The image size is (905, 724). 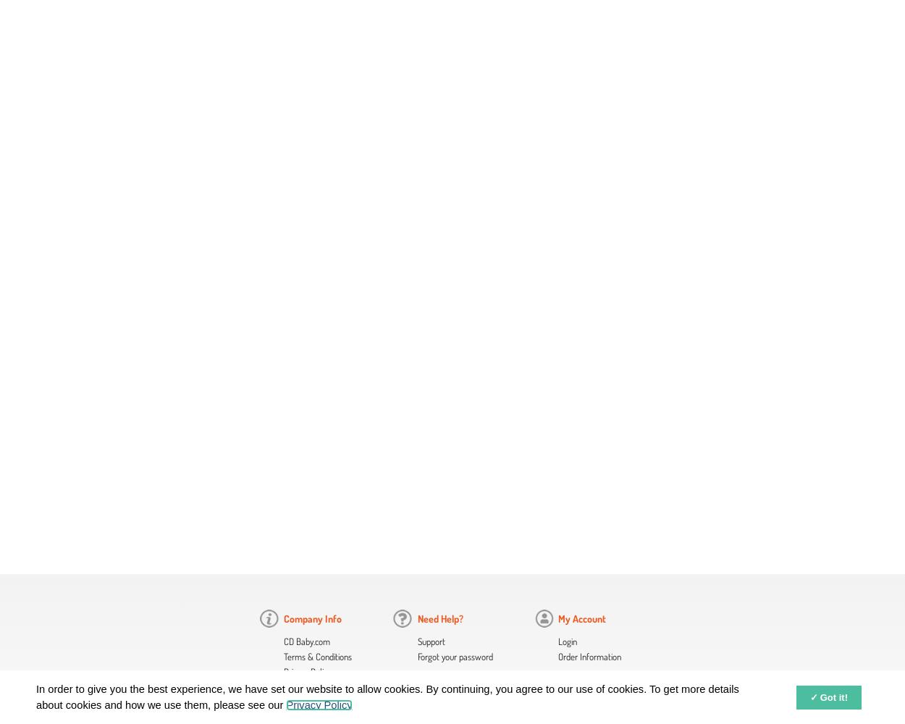 What do you see at coordinates (313, 618) in the screenshot?
I see `'Company Info'` at bounding box center [313, 618].